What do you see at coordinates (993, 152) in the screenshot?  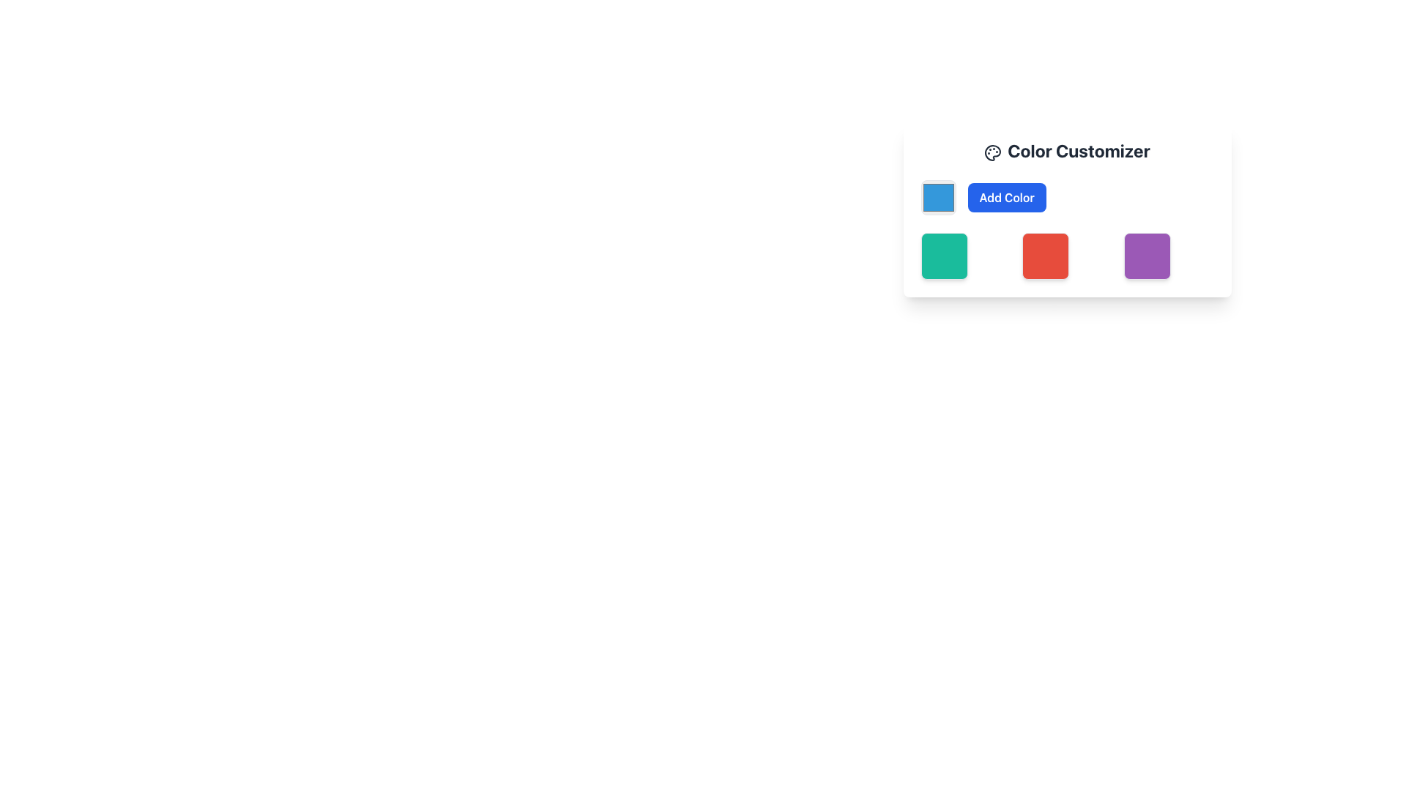 I see `the color palette icon located to the left of the 'Color Customizer' text in the header area` at bounding box center [993, 152].